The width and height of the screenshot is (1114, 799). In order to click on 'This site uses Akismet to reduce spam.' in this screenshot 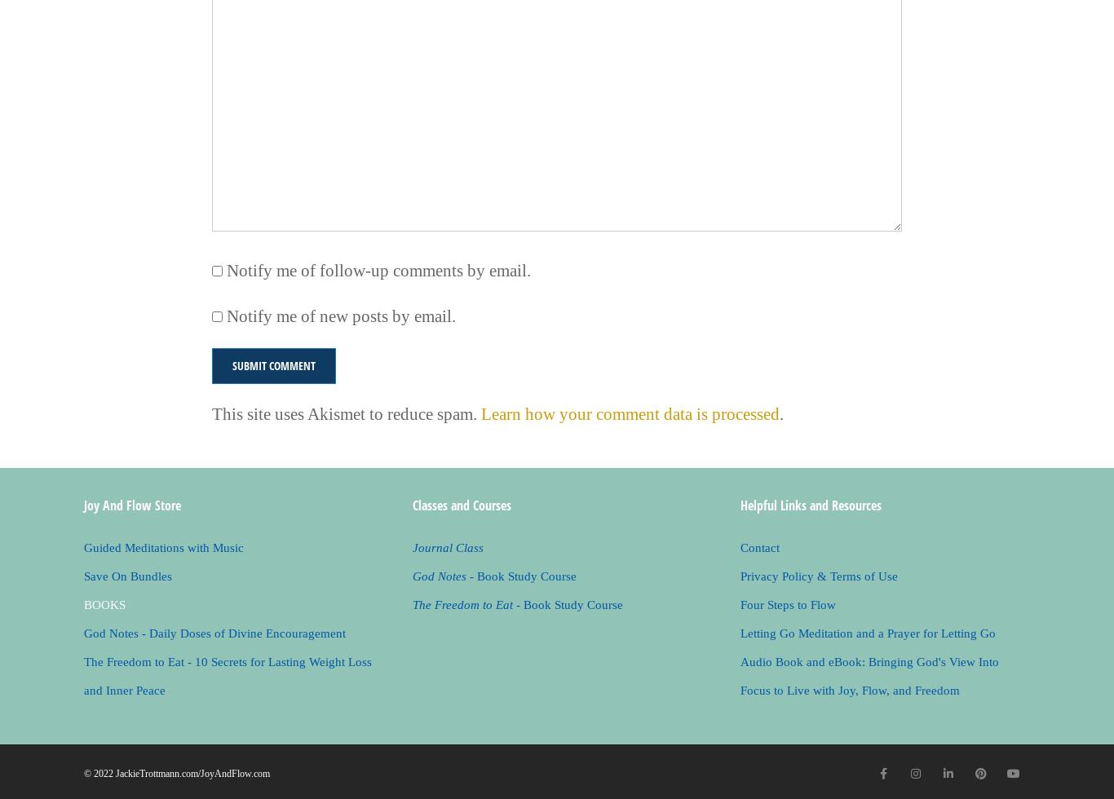, I will do `click(345, 413)`.